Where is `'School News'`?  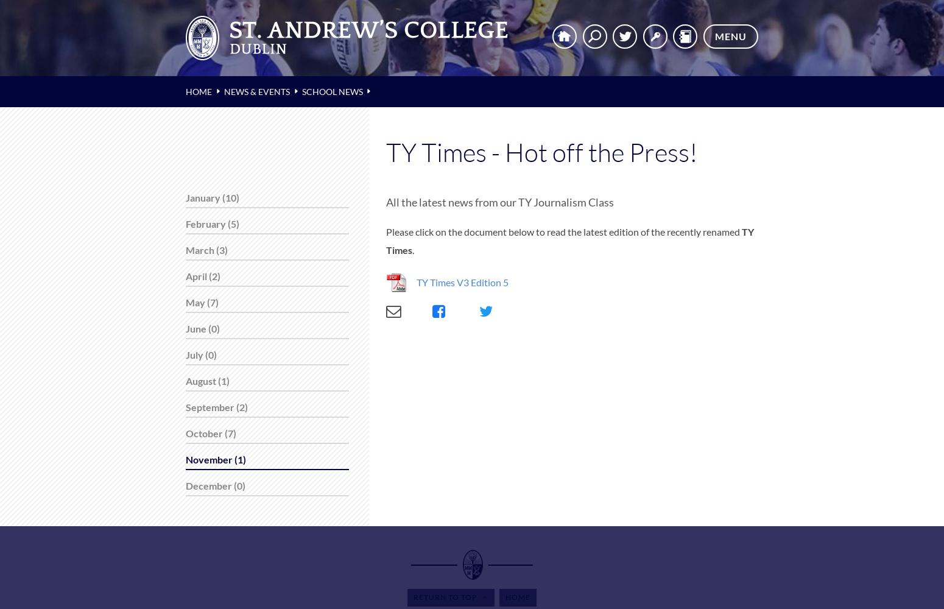 'School News' is located at coordinates (331, 91).